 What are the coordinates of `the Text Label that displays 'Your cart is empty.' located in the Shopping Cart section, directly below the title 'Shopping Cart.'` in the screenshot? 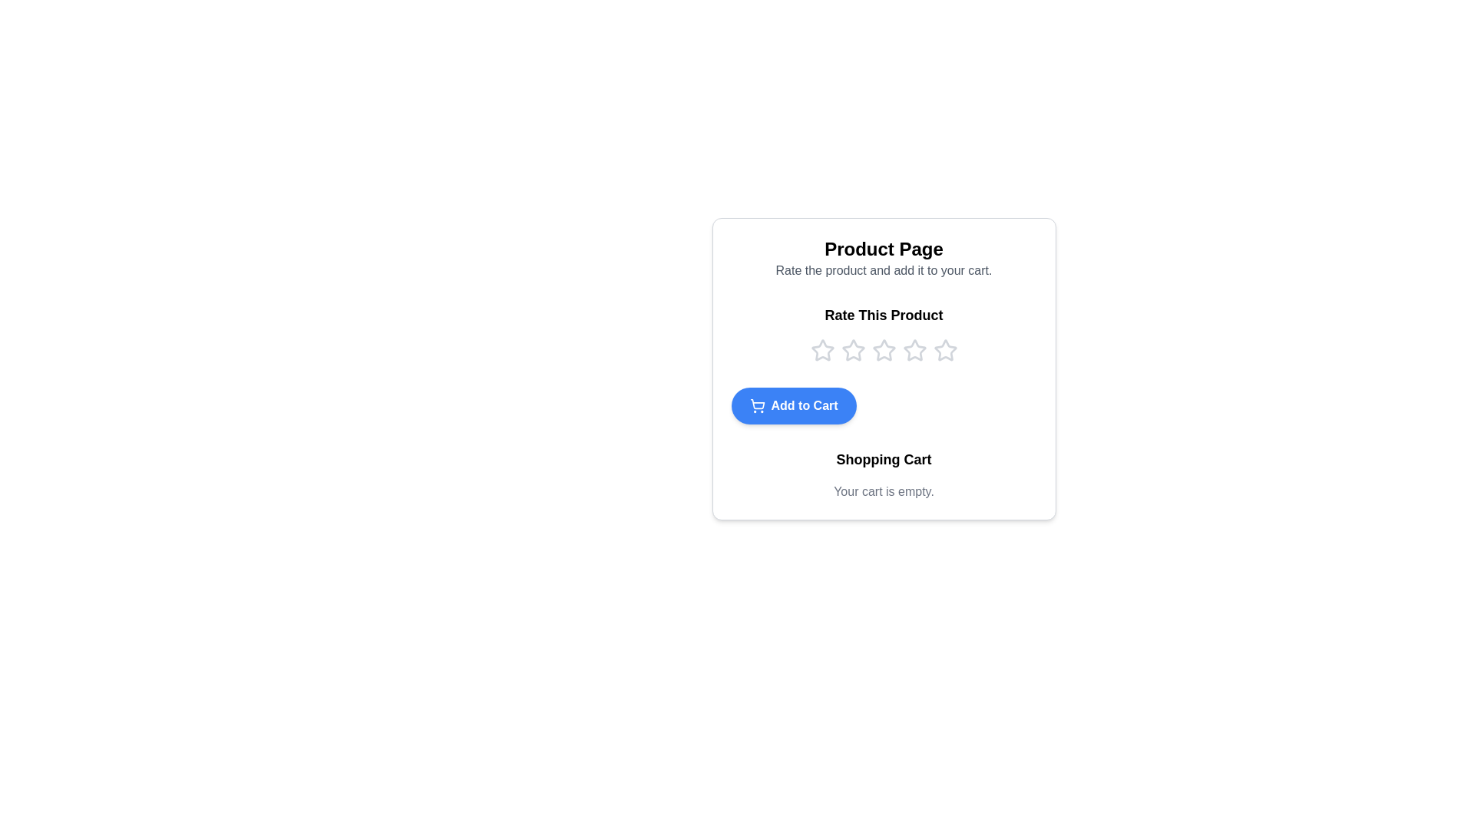 It's located at (884, 491).